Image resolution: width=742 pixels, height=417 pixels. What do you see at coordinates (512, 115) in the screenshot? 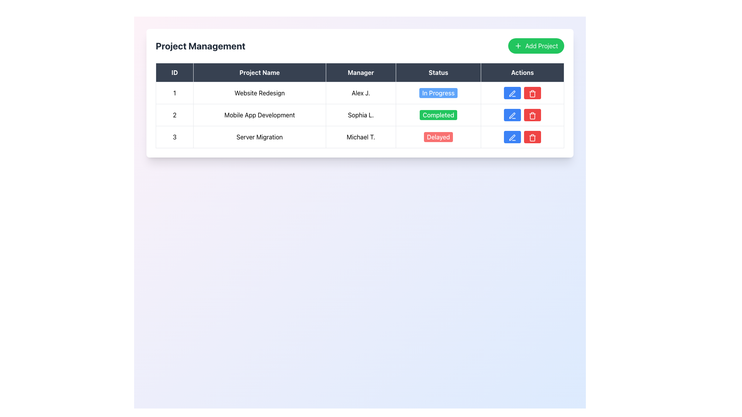
I see `the edit button in the Actions column for the 'Mobile App Development' project` at bounding box center [512, 115].